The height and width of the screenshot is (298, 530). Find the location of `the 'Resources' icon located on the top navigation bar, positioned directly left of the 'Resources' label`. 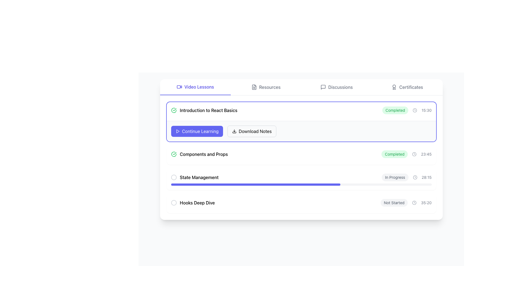

the 'Resources' icon located on the top navigation bar, positioned directly left of the 'Resources' label is located at coordinates (254, 87).